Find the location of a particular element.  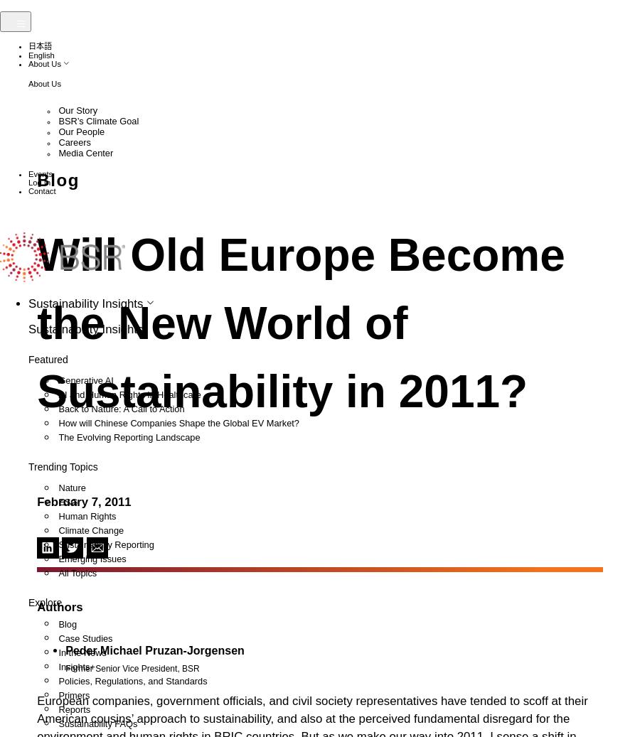

'Blog' is located at coordinates (72, 674).